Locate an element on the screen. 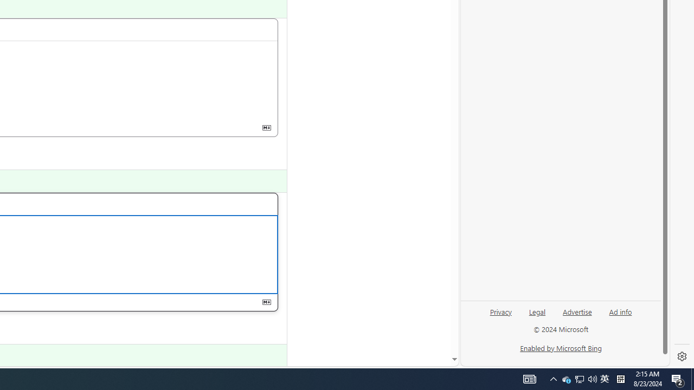 The height and width of the screenshot is (390, 694). 'Ad info' is located at coordinates (620, 311).